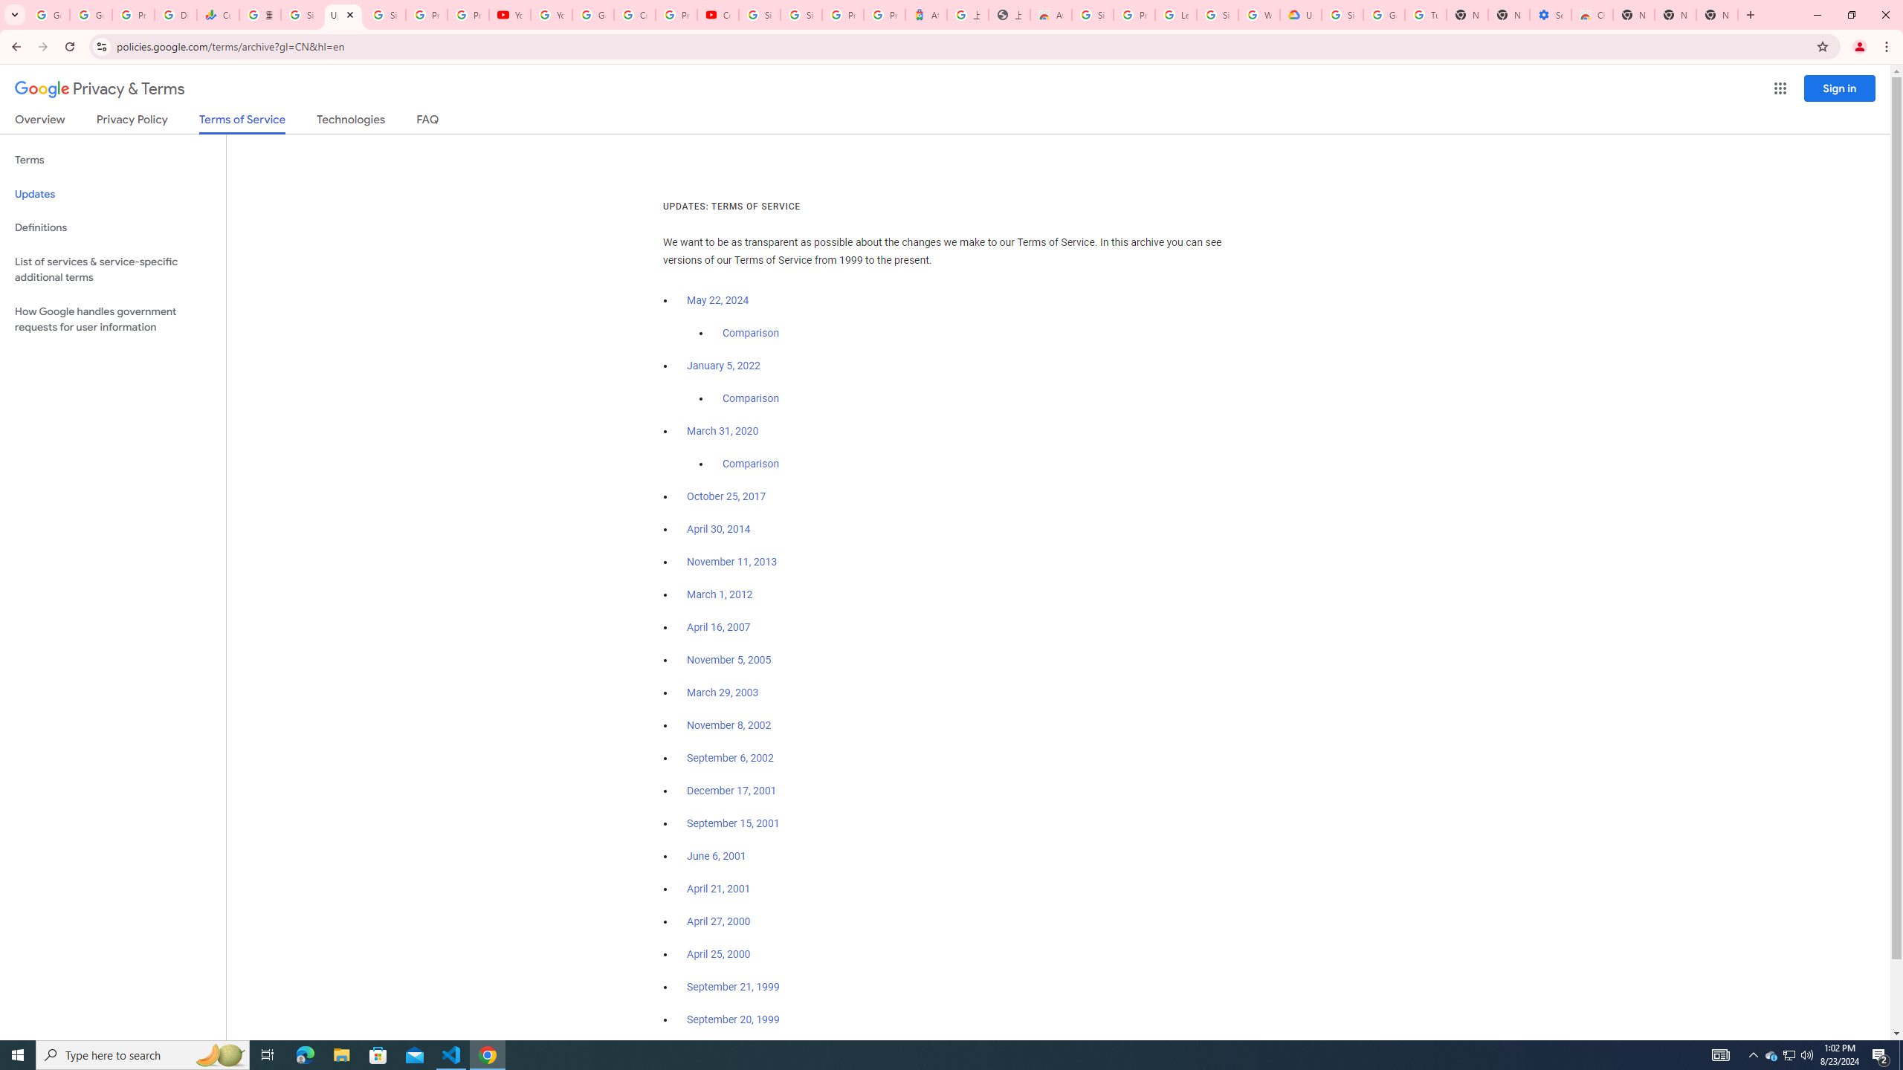 The width and height of the screenshot is (1903, 1070). I want to click on 'April 16, 2007', so click(718, 628).